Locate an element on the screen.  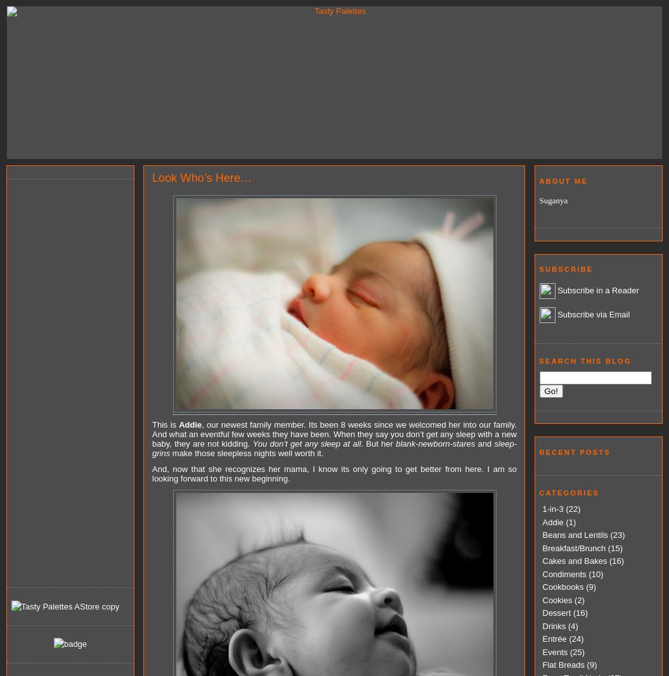
'Beans and Lentils' is located at coordinates (574, 534).